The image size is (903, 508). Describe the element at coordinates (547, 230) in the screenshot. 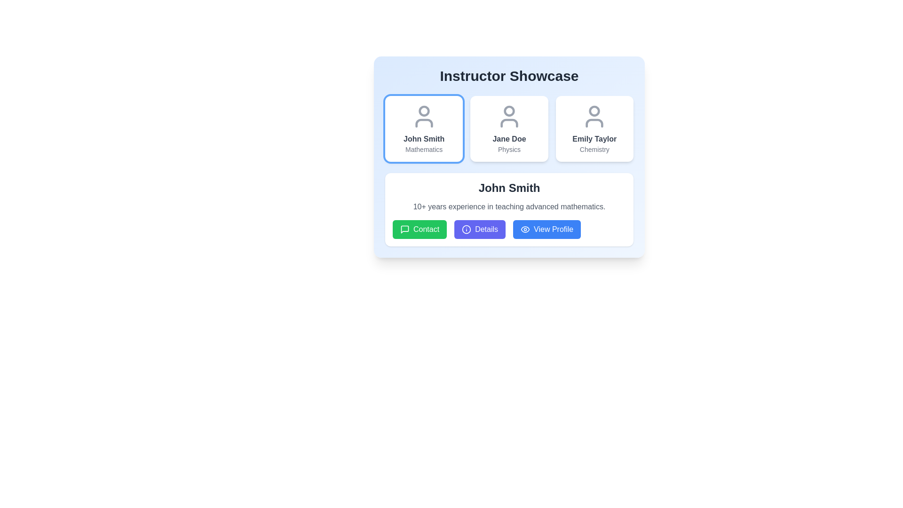

I see `the 'View Profile' button, which is a rectangular button with white text on a blue background, featuring an eye icon on the left, located below 'John Smith'` at that location.